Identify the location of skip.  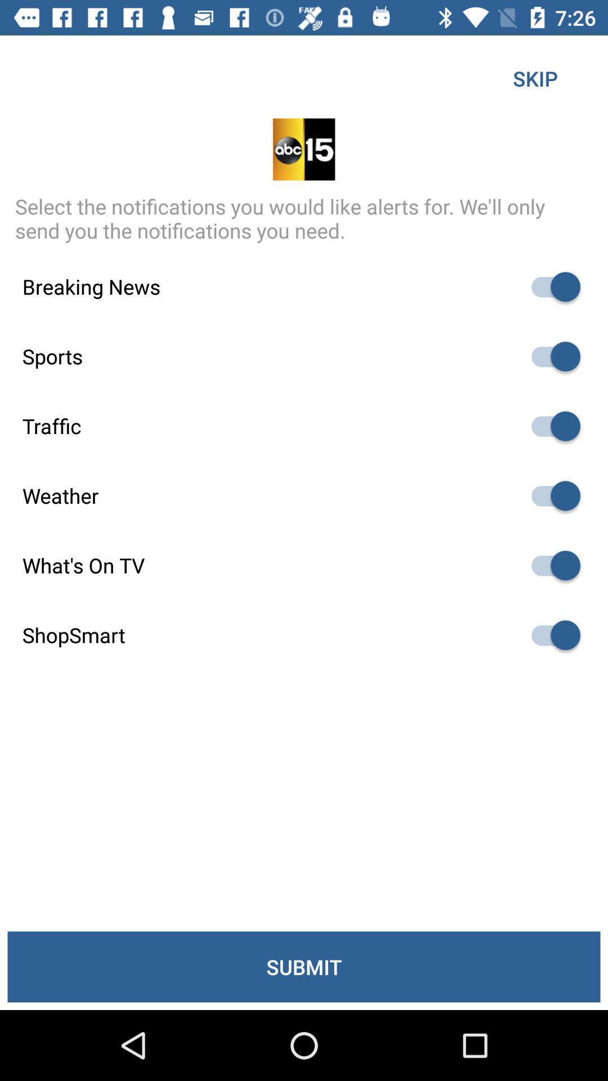
(535, 78).